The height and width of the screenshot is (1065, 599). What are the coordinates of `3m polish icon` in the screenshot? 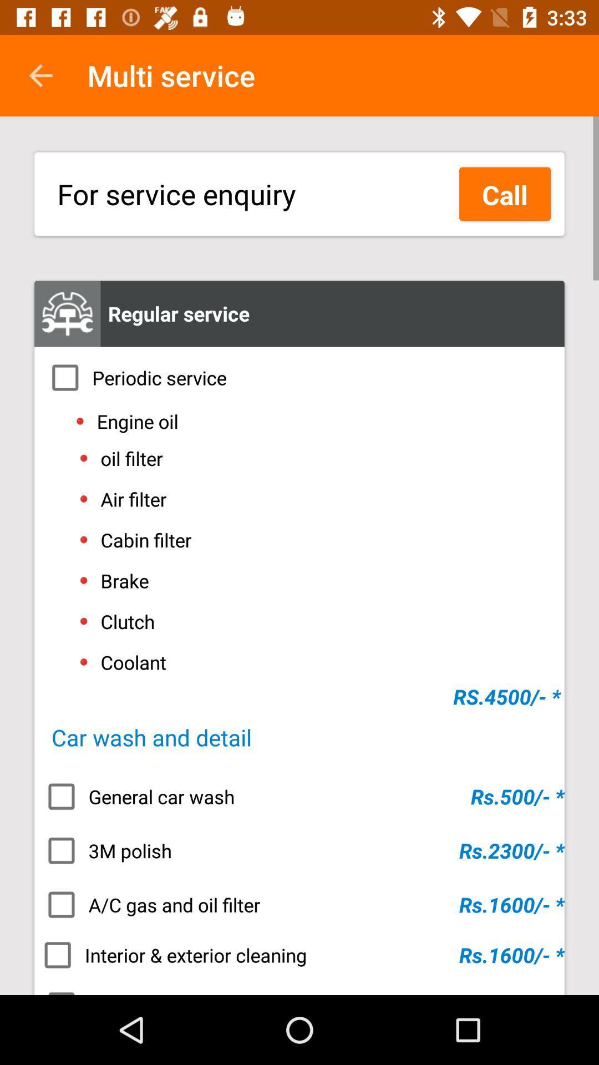 It's located at (299, 850).